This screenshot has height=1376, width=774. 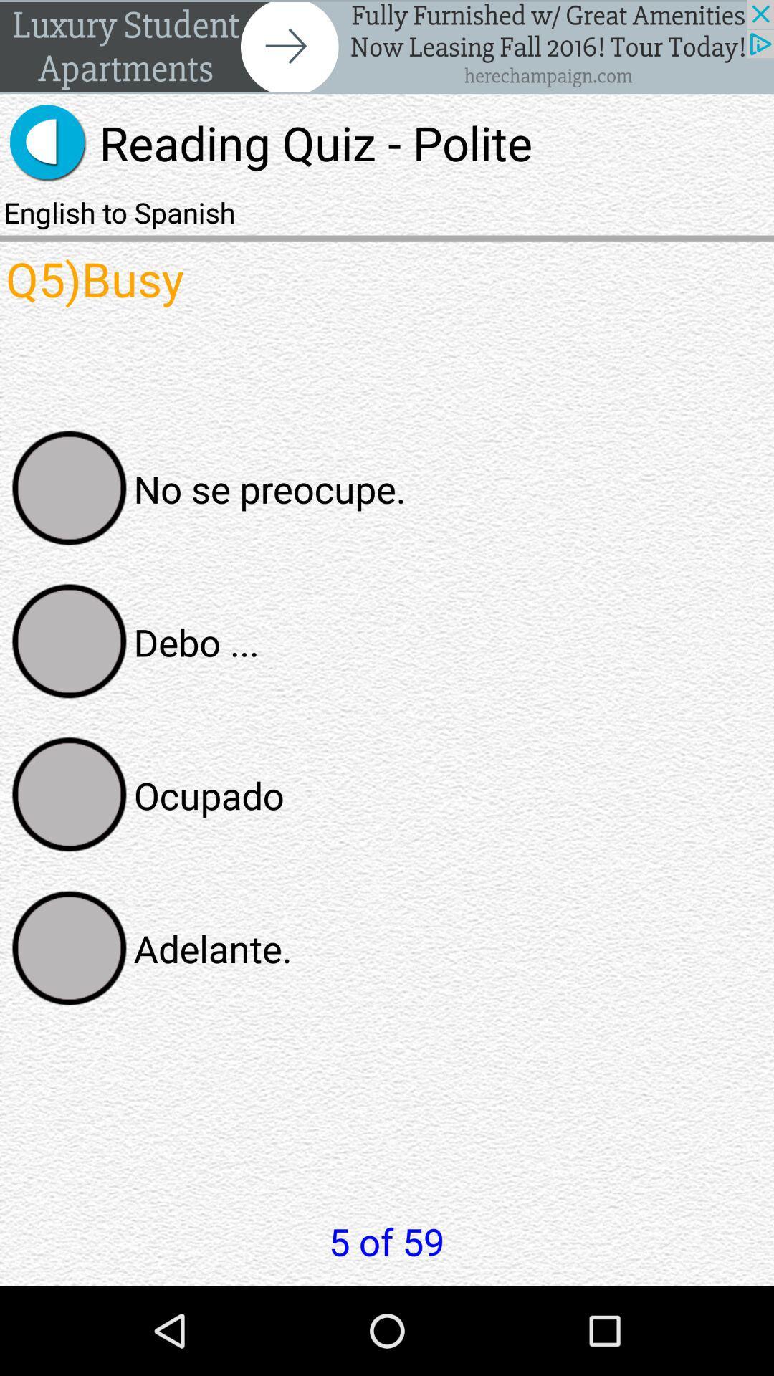 I want to click on selection, so click(x=70, y=948).